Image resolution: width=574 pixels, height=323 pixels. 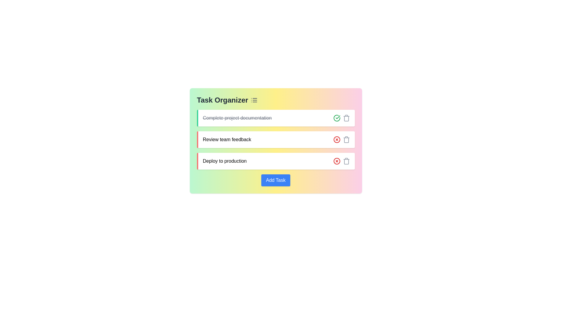 I want to click on the small gray trash can icon located to the far right of the text field labeled 'Review team feedback', so click(x=346, y=161).